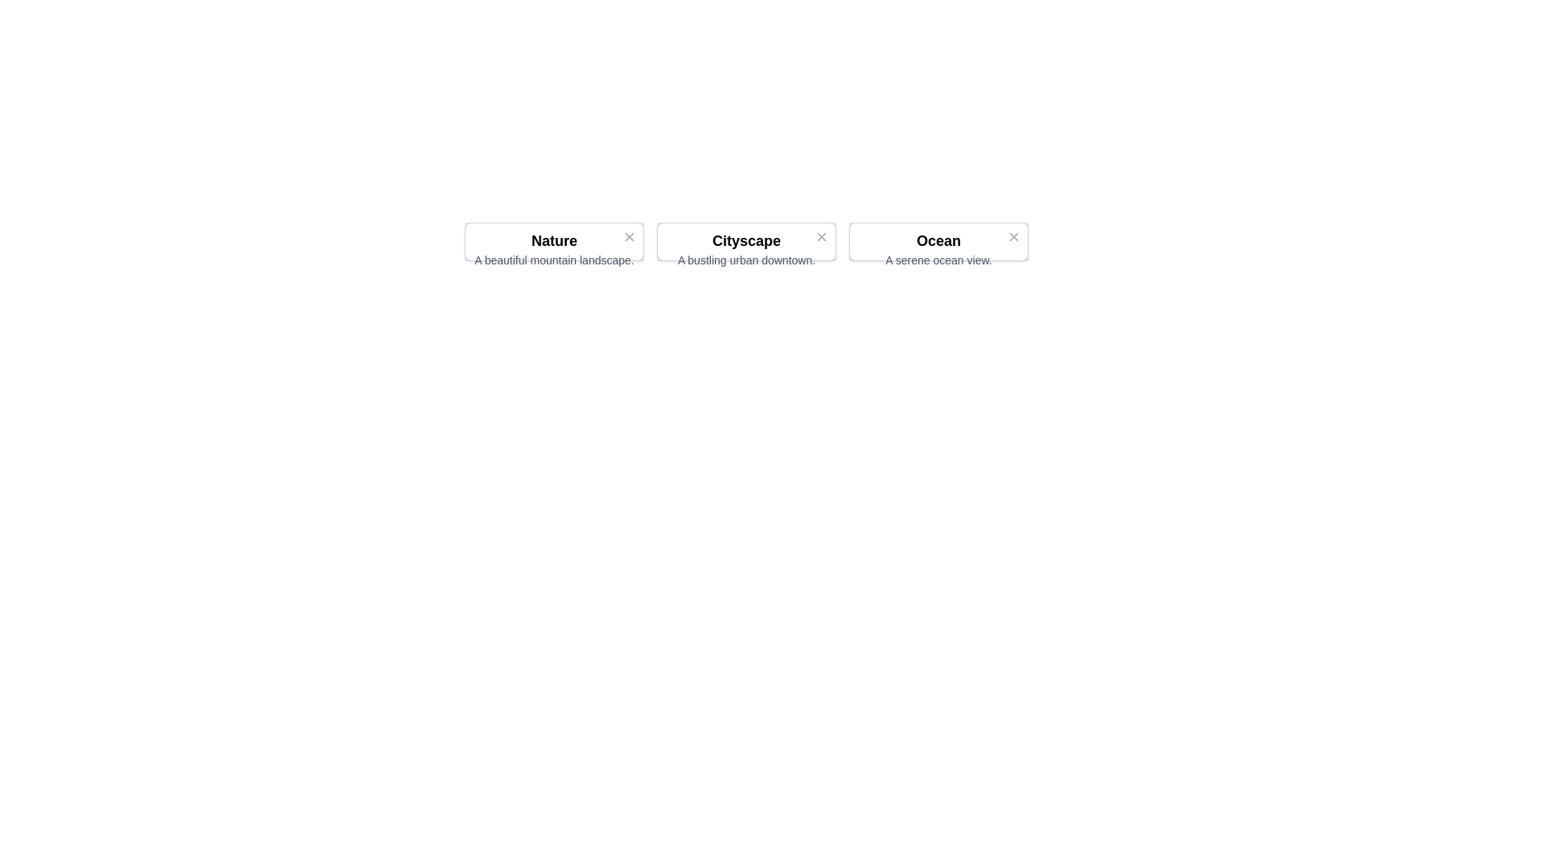  I want to click on the informational block located between the 'Nature' and 'Ocean' sections in the grid layout, so click(745, 241).